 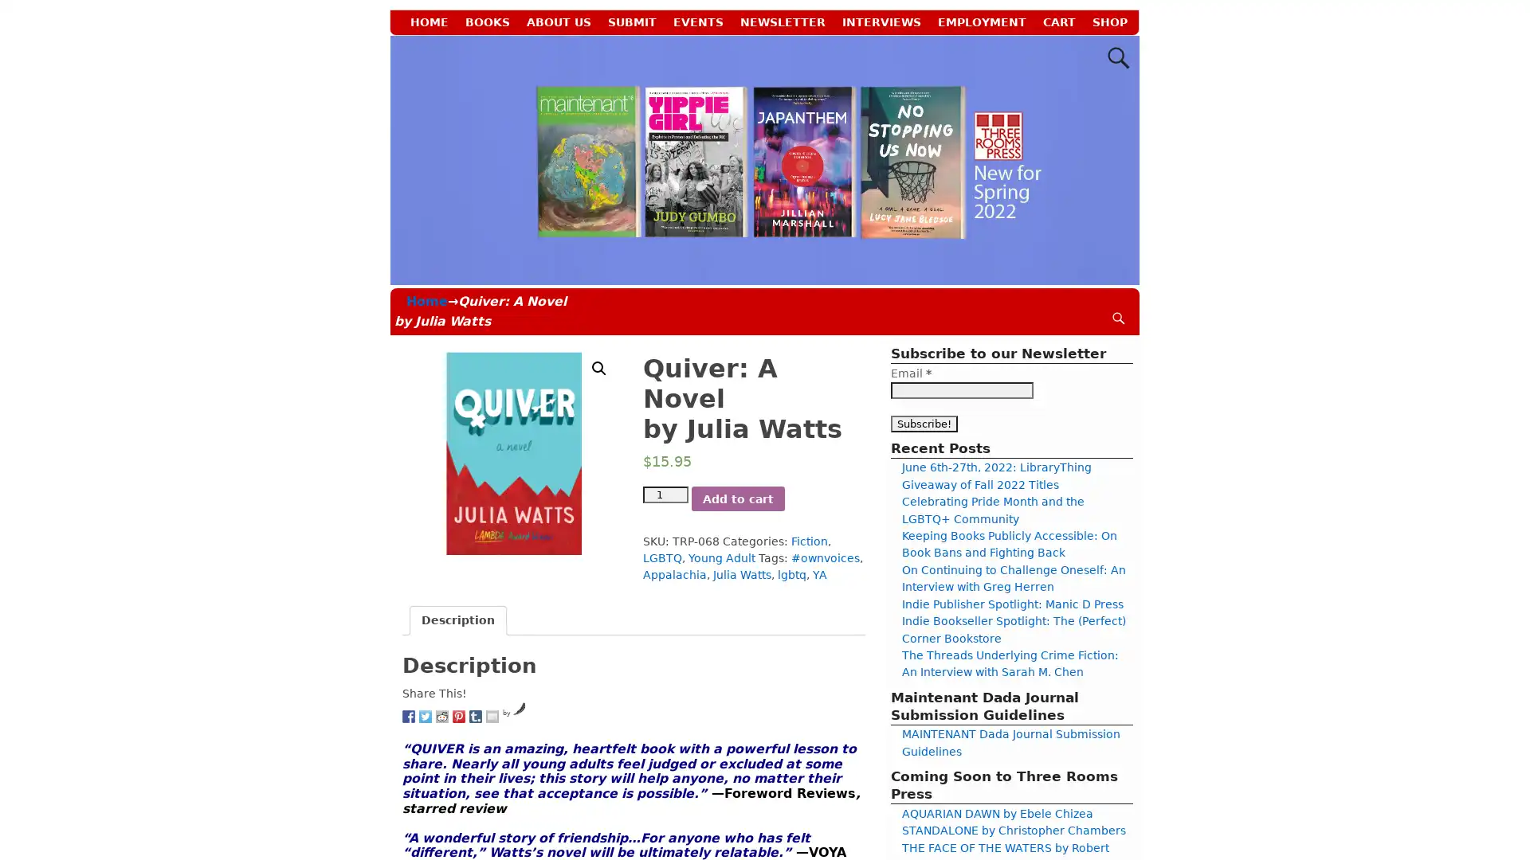 What do you see at coordinates (924, 422) in the screenshot?
I see `Subscribe!` at bounding box center [924, 422].